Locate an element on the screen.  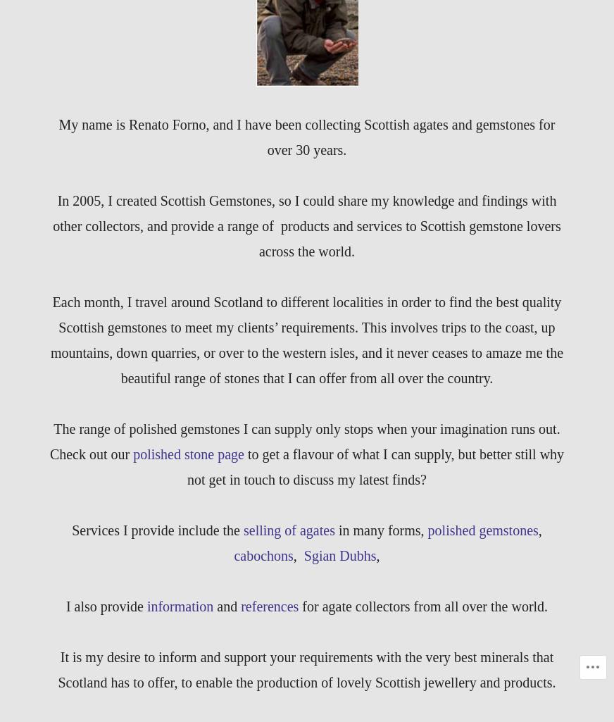
'Services I provide include the' is located at coordinates (156, 530).